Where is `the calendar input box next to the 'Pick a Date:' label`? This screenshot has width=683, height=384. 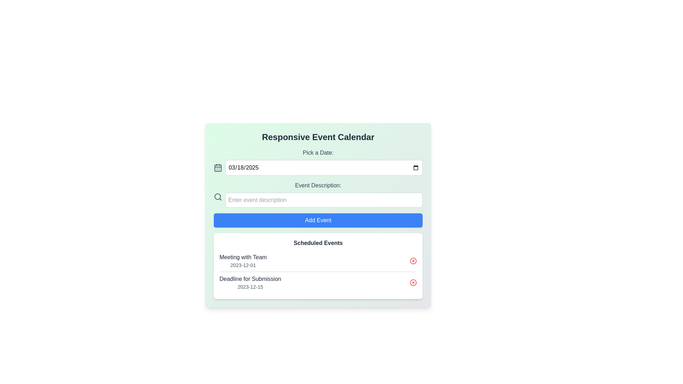
the calendar input box next to the 'Pick a Date:' label is located at coordinates (318, 162).